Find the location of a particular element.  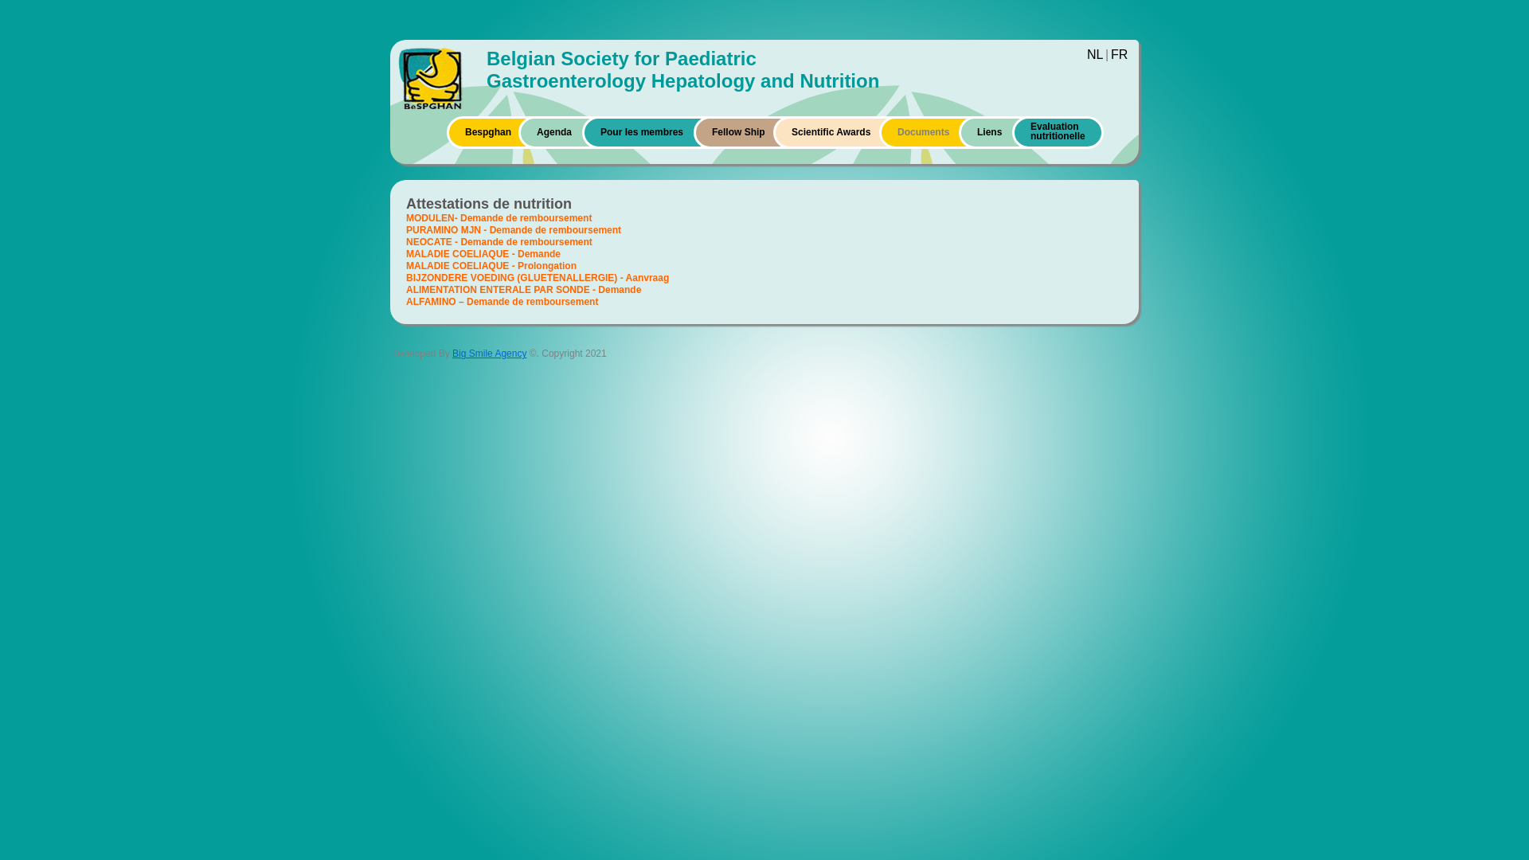

'ALIMENTATION ENTERALE PAR SONDE - Demande' is located at coordinates (523, 289).